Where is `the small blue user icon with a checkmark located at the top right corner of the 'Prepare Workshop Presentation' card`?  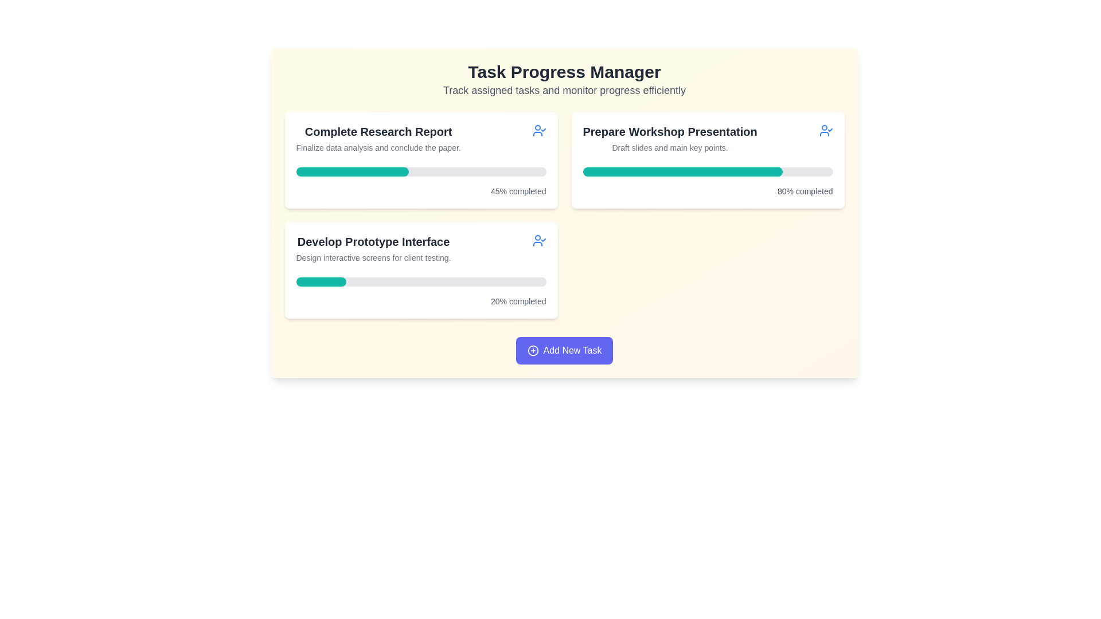 the small blue user icon with a checkmark located at the top right corner of the 'Prepare Workshop Presentation' card is located at coordinates (826, 130).